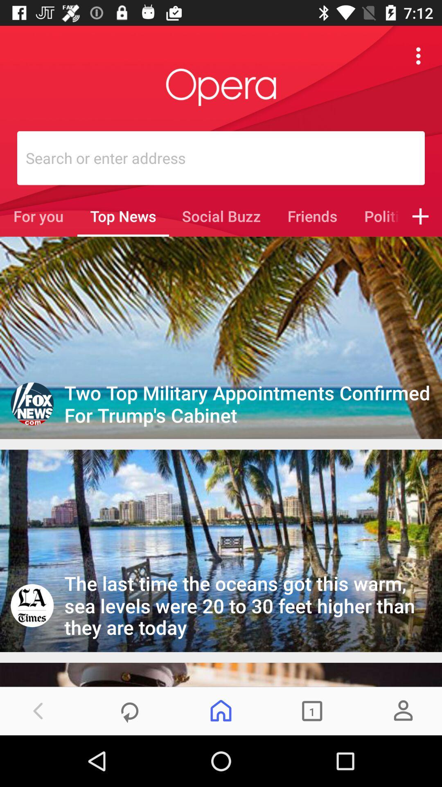  Describe the element at coordinates (221, 710) in the screenshot. I see `the home icon` at that location.